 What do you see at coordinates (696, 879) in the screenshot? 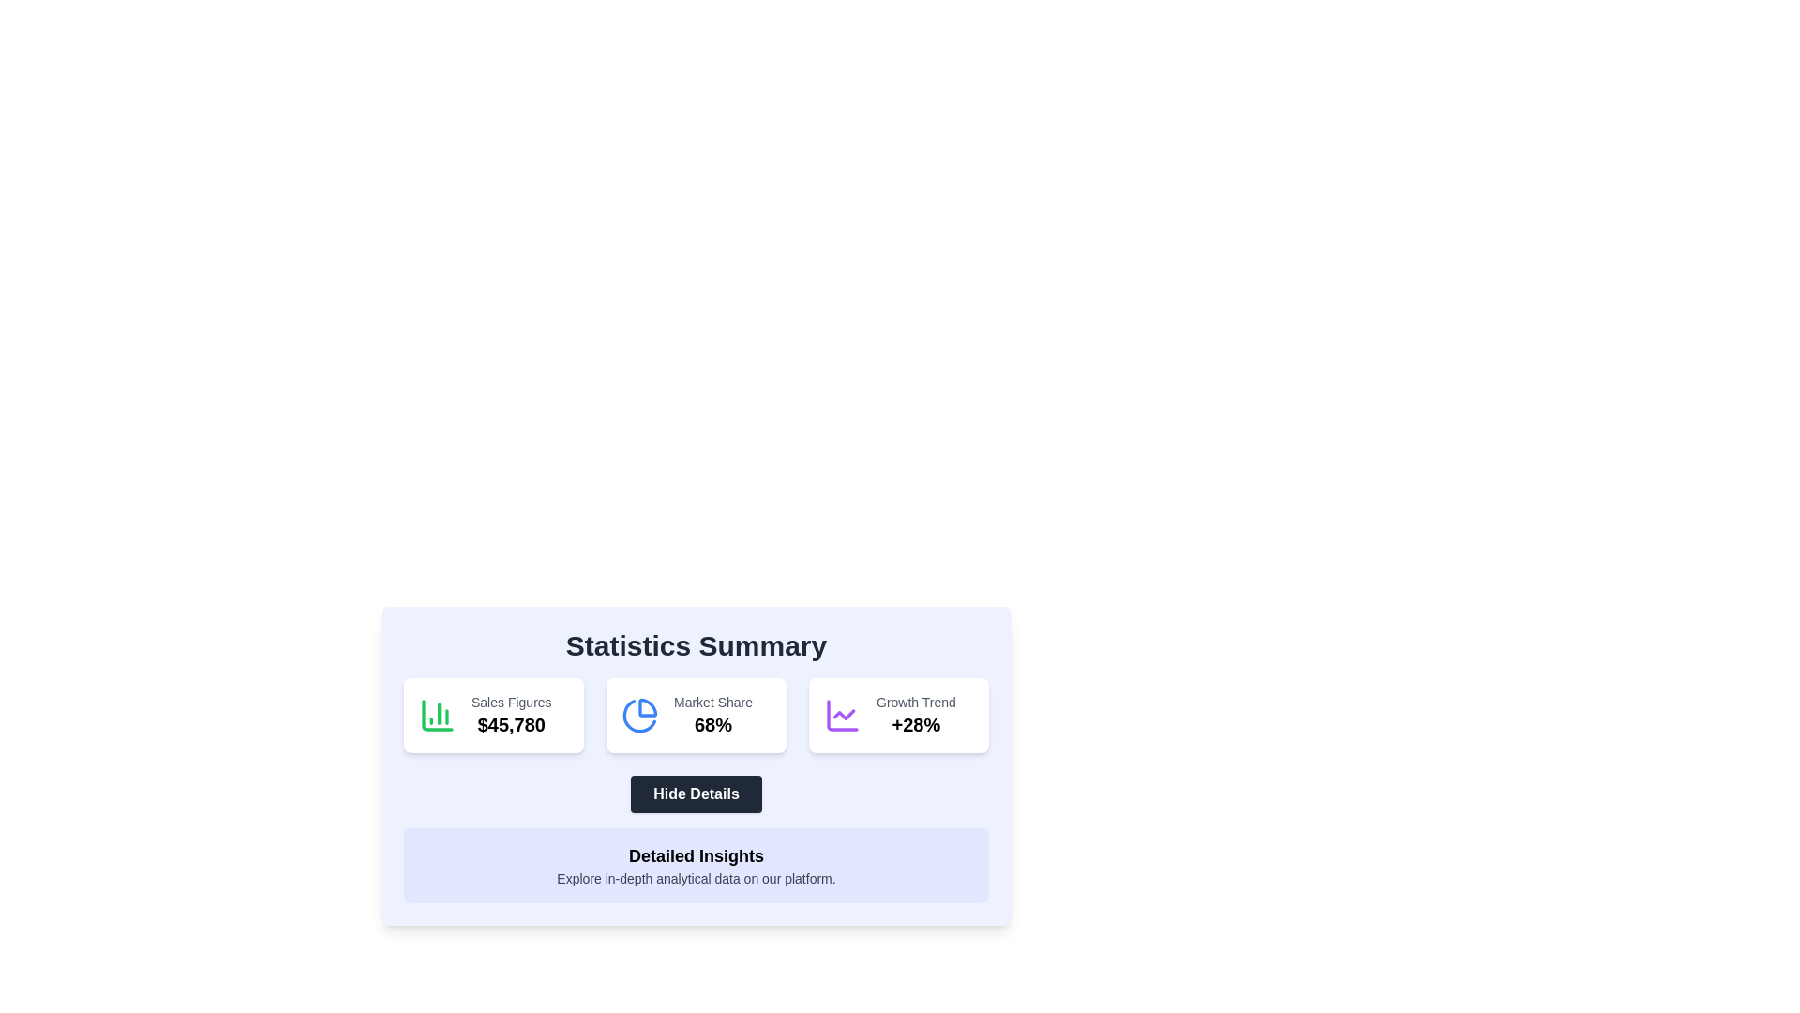
I see `information displayed on the text label that says 'Explore in-depth analytical data on our platform.', which is styled with a small font size and light gray color, located below the 'Detailed Insights' title` at bounding box center [696, 879].